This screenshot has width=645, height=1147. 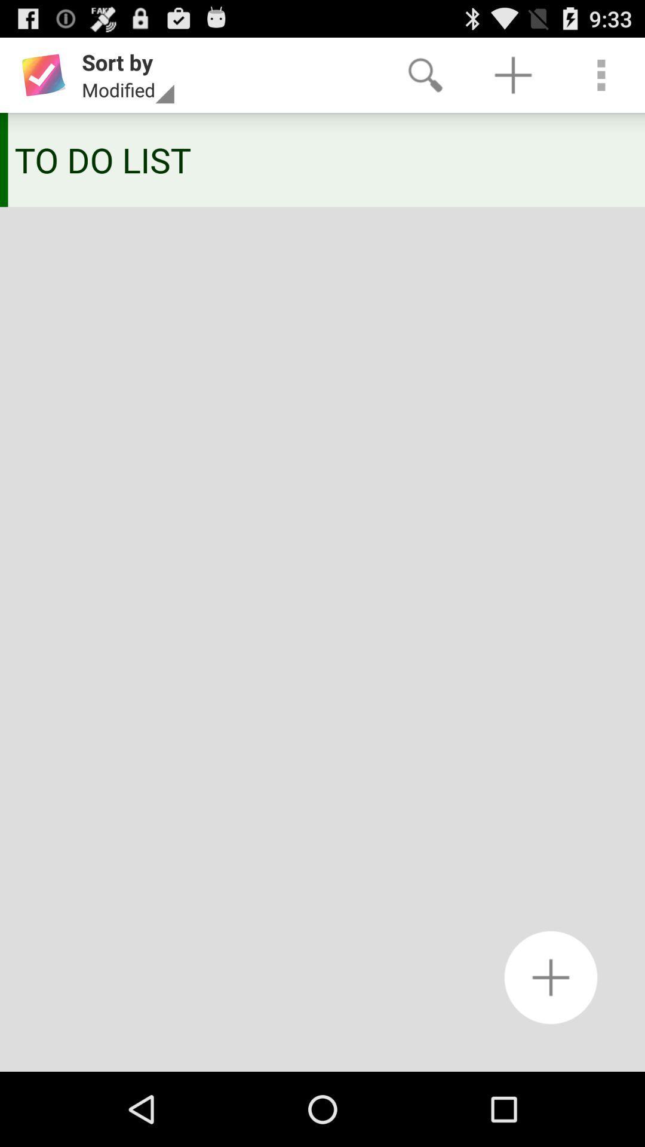 I want to click on the to do list icon, so click(x=318, y=159).